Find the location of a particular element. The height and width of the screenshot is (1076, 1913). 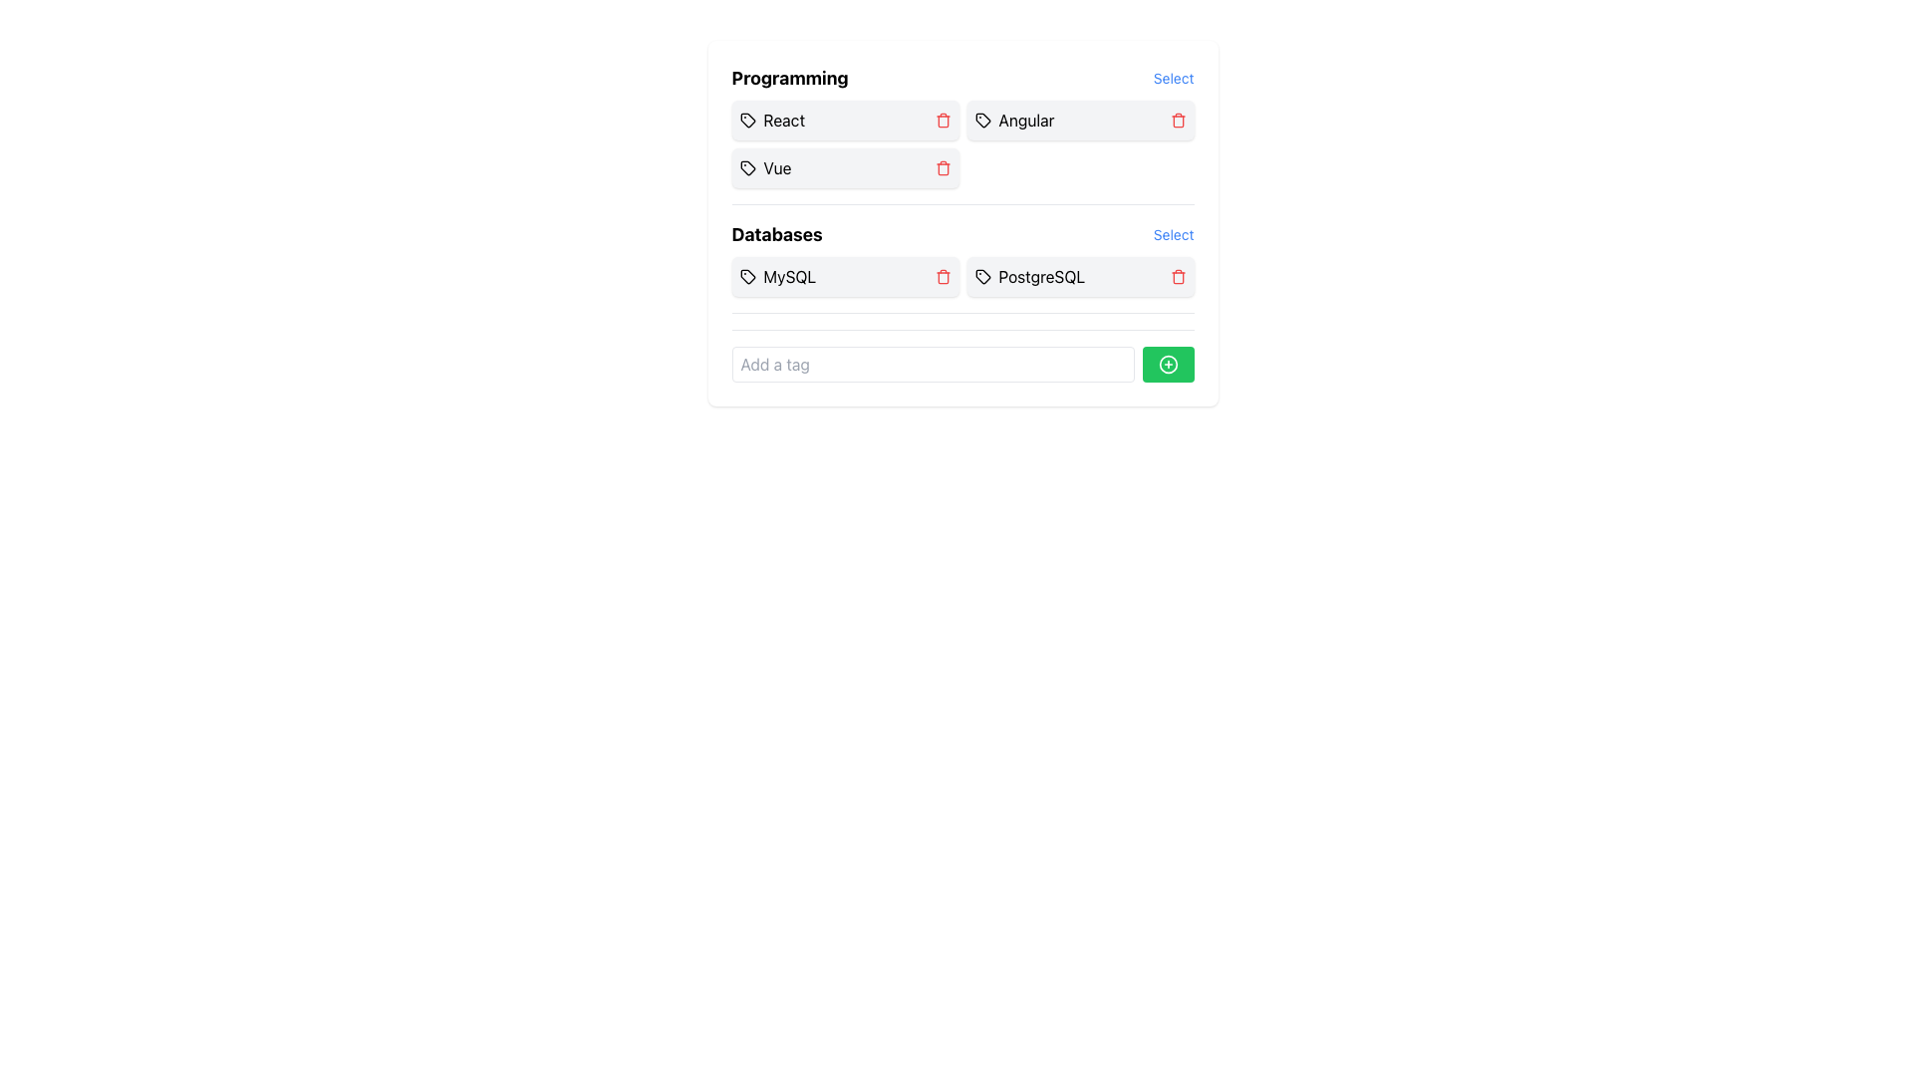

the red trash can icon button located in the 'Programming' section, to the right of the 'React' tag, for visual feedback is located at coordinates (942, 120).